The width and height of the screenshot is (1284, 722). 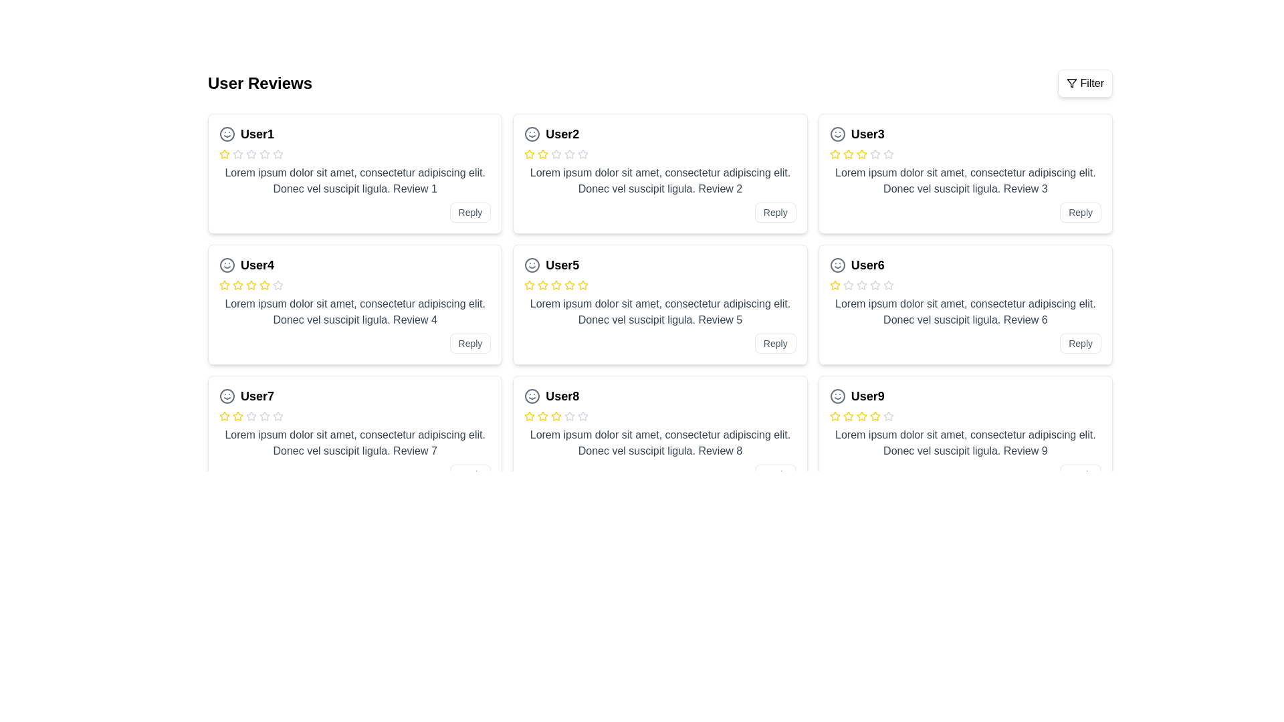 I want to click on the text label element displaying 'User9', which is styled with a larger font size and bold weight, located in the bottom-right corner of the review card under the 'User Reviews' section, so click(x=867, y=396).